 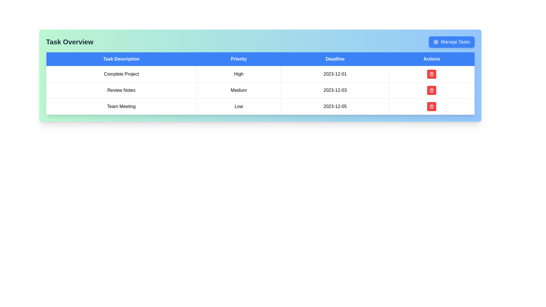 What do you see at coordinates (335, 106) in the screenshot?
I see `date text '2023-12-05' located in the third row under the 'Deadline' column of the 'Task Overview' table` at bounding box center [335, 106].